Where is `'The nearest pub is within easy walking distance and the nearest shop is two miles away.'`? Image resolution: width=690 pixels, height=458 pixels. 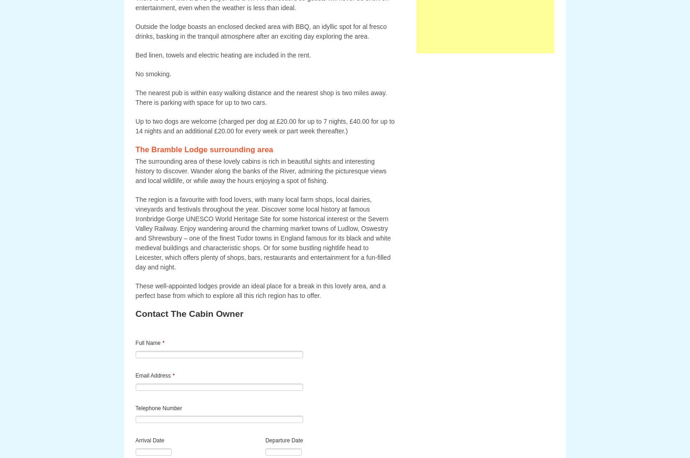 'The nearest pub is within easy walking distance and the nearest shop is two miles away.' is located at coordinates (260, 92).